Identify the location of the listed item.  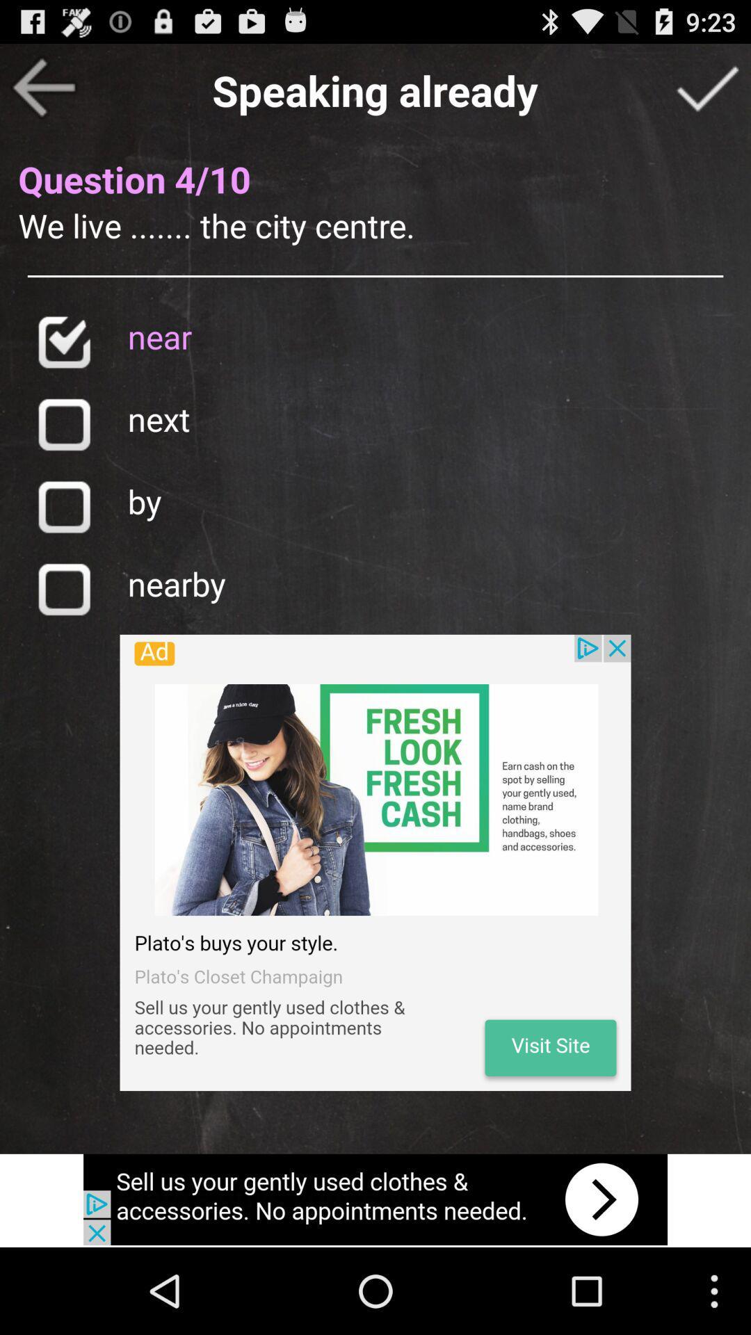
(63, 341).